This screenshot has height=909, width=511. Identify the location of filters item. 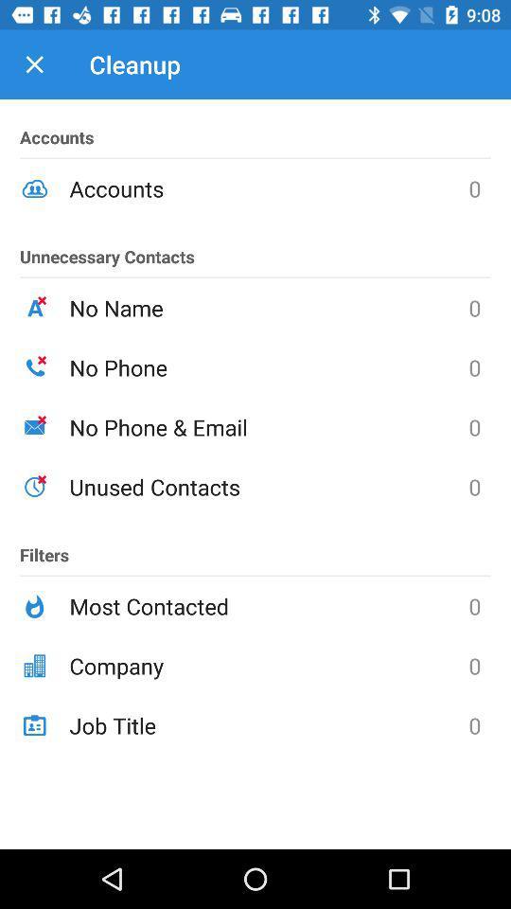
(44, 546).